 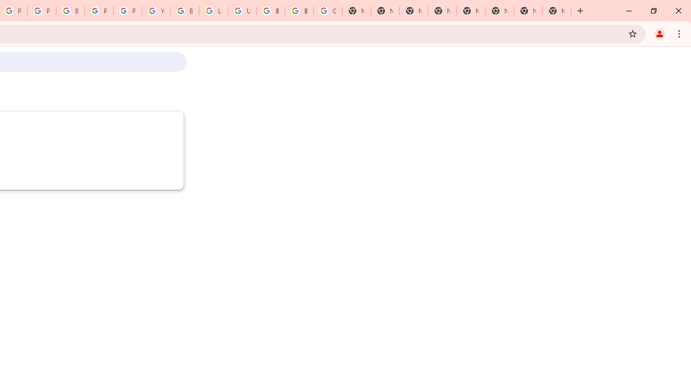 What do you see at coordinates (557, 11) in the screenshot?
I see `'New Tab'` at bounding box center [557, 11].